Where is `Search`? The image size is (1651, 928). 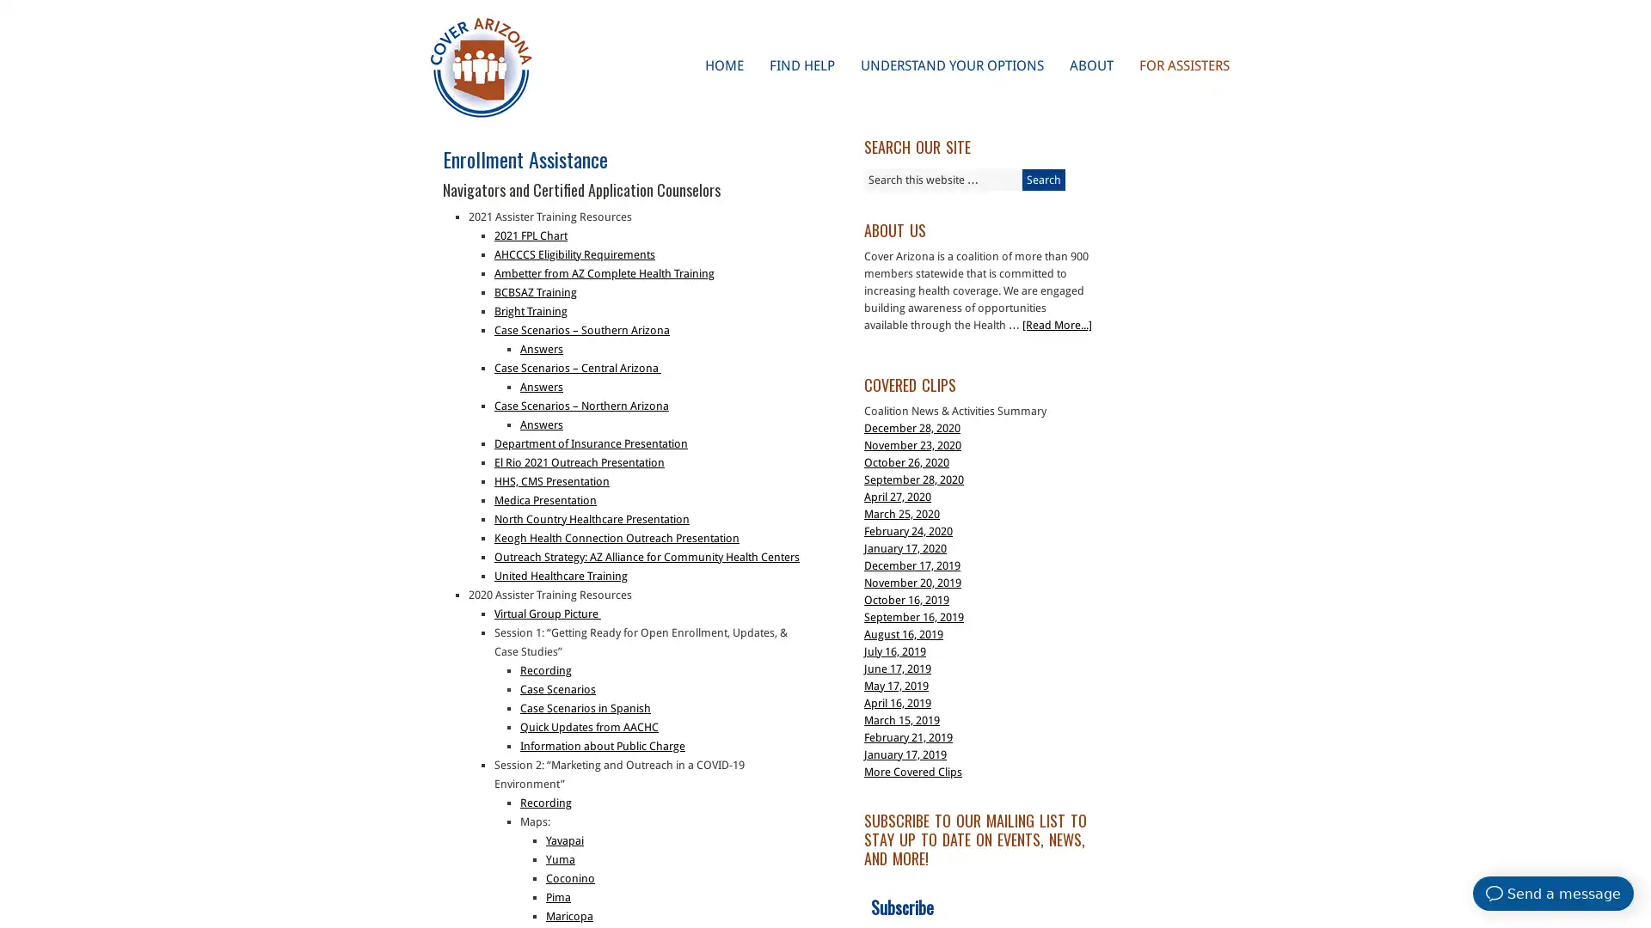 Search is located at coordinates (1043, 180).